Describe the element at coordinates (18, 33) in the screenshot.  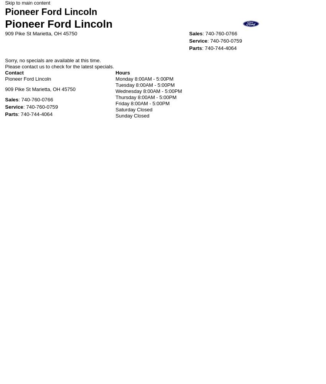
I see `'909 Pike St'` at that location.